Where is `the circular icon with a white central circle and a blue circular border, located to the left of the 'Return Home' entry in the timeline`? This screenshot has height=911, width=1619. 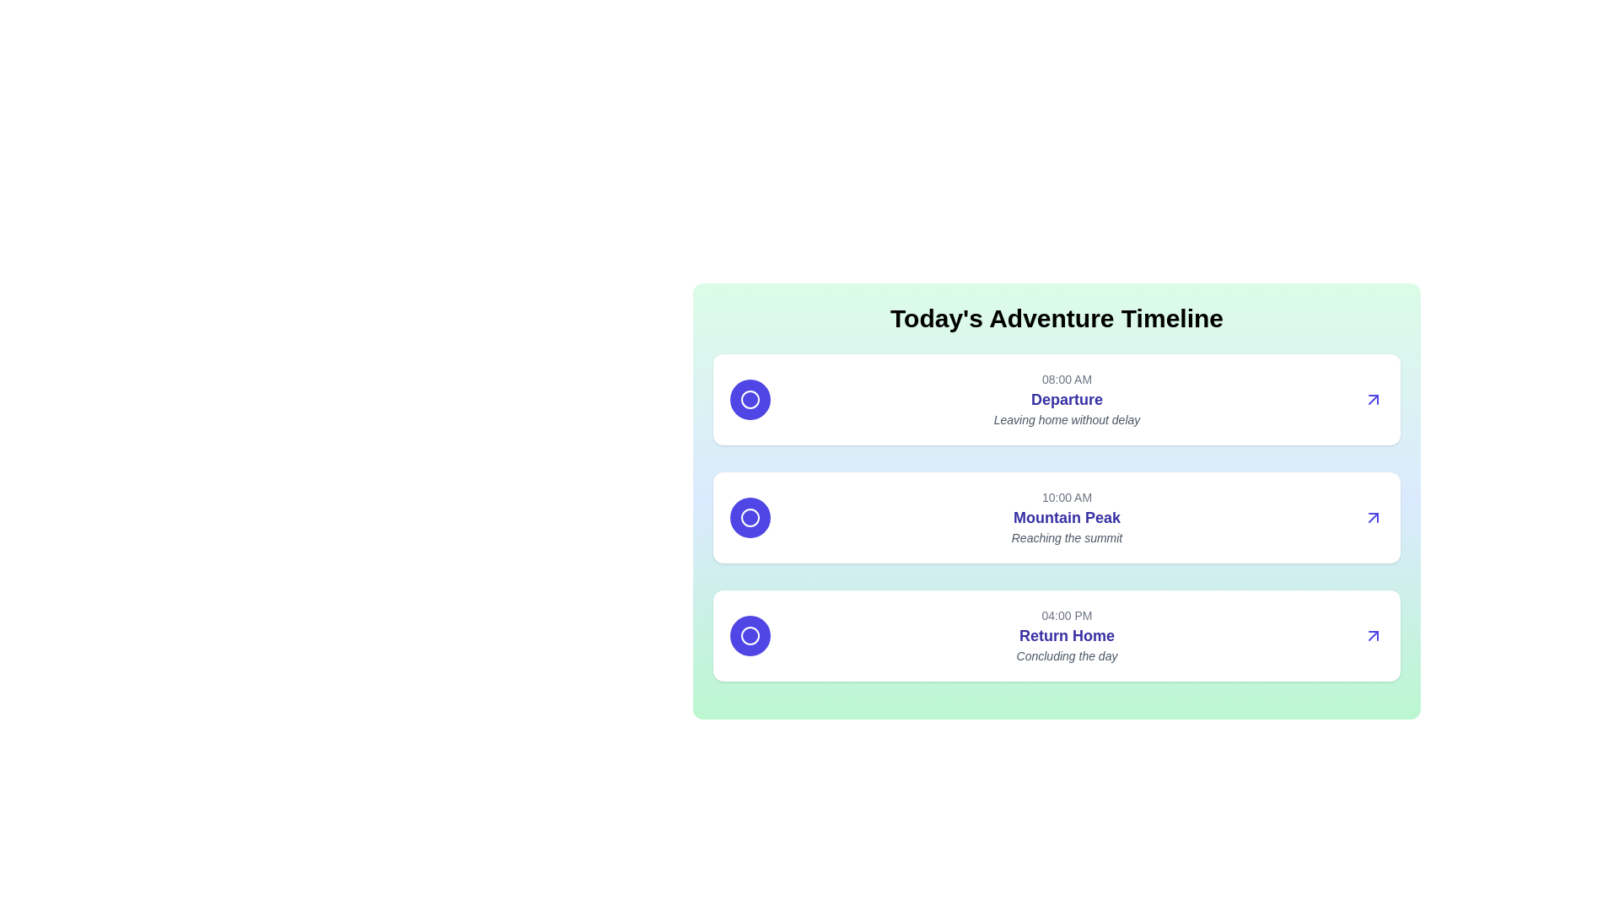 the circular icon with a white central circle and a blue circular border, located to the left of the 'Return Home' entry in the timeline is located at coordinates (749, 635).